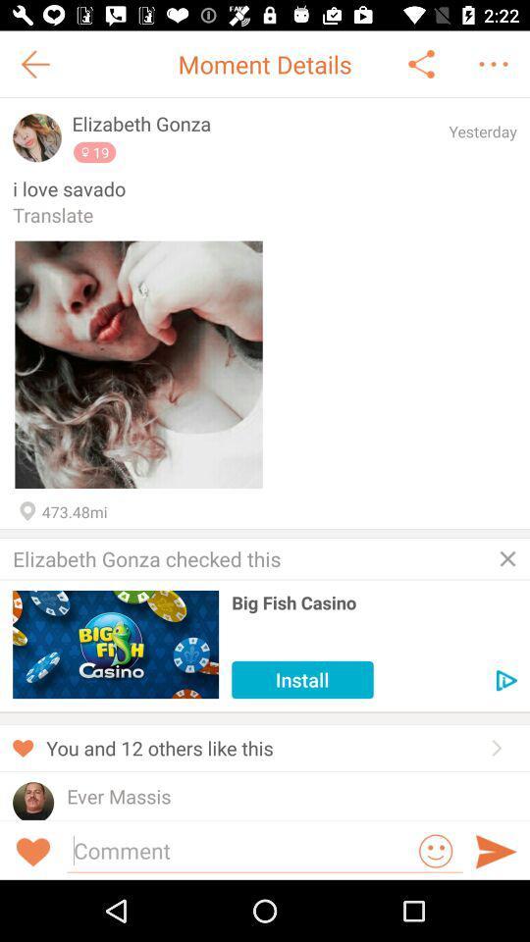 The image size is (530, 942). Describe the element at coordinates (240, 849) in the screenshot. I see `leave comment` at that location.